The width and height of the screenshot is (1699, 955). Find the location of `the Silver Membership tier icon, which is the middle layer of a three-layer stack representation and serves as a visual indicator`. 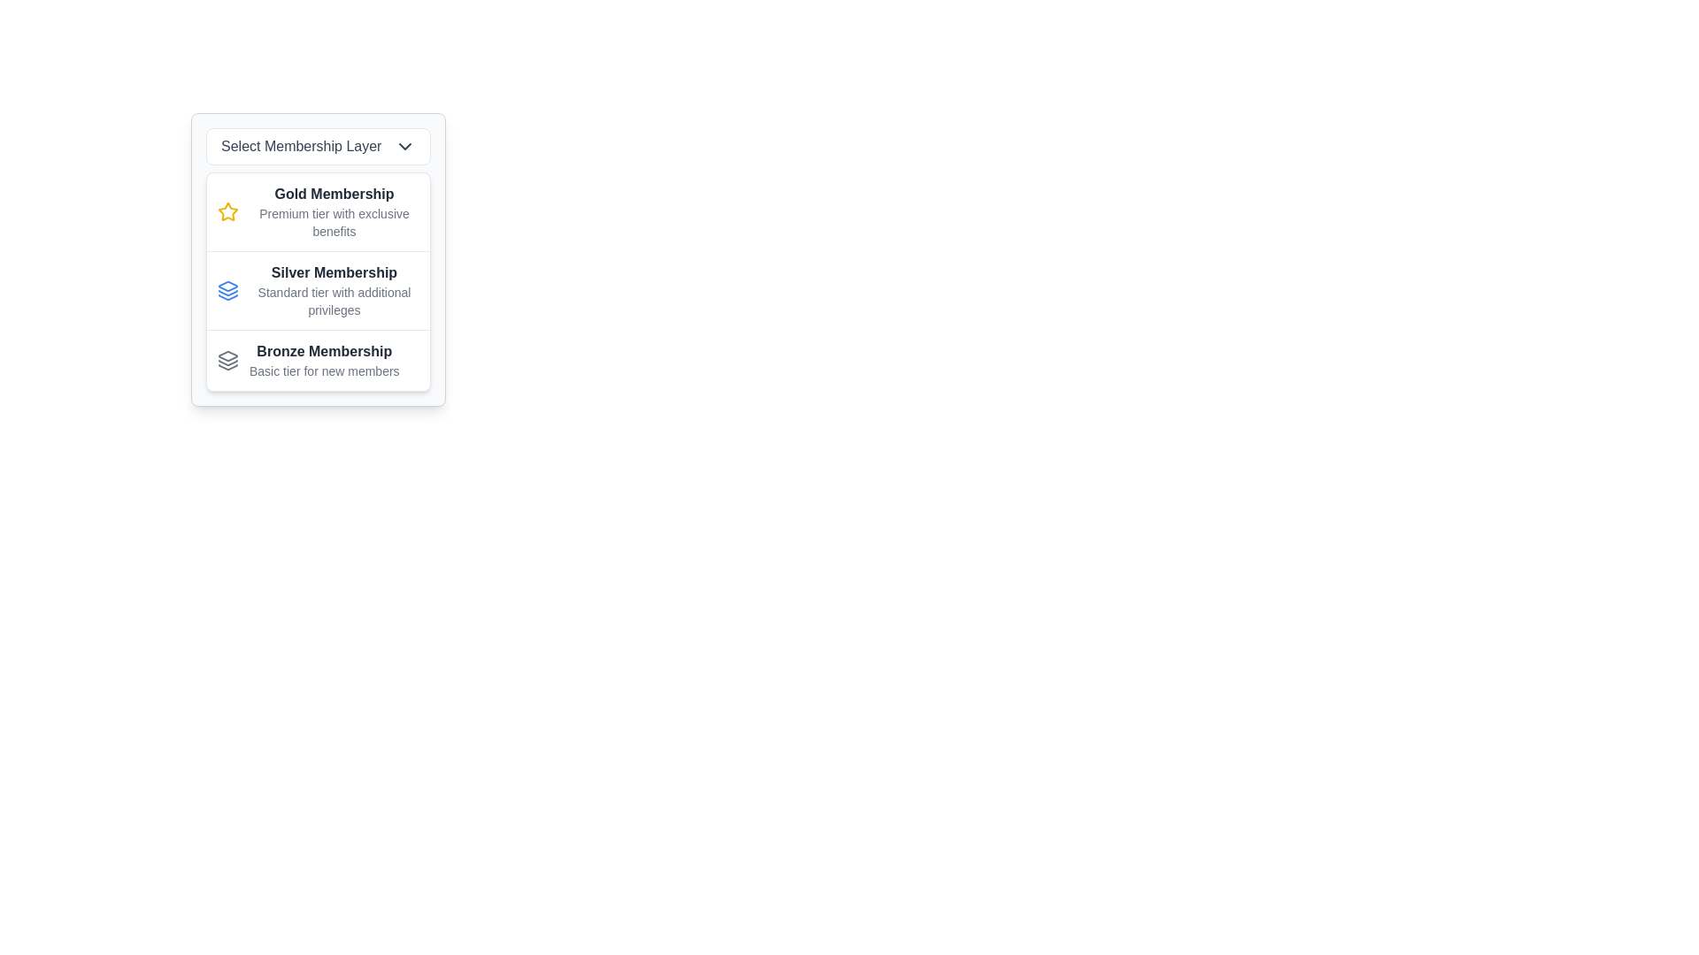

the Silver Membership tier icon, which is the middle layer of a three-layer stack representation and serves as a visual indicator is located at coordinates (227, 292).